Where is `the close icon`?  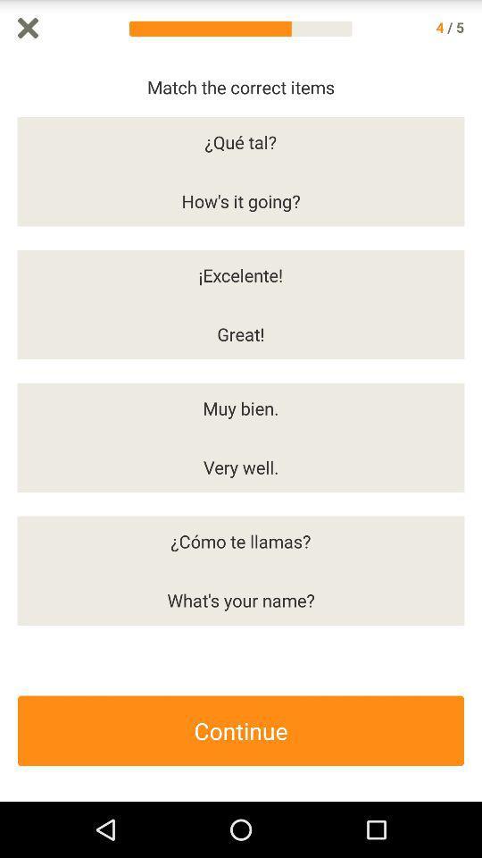 the close icon is located at coordinates (27, 29).